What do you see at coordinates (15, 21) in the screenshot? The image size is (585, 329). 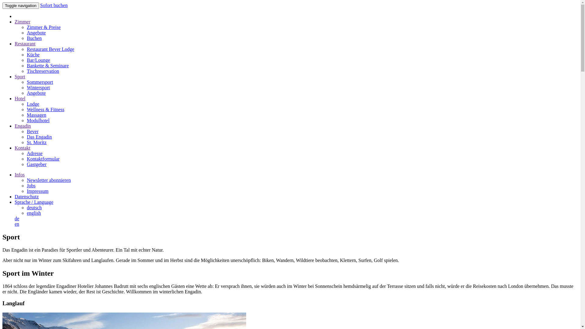 I see `'Zimmer'` at bounding box center [15, 21].